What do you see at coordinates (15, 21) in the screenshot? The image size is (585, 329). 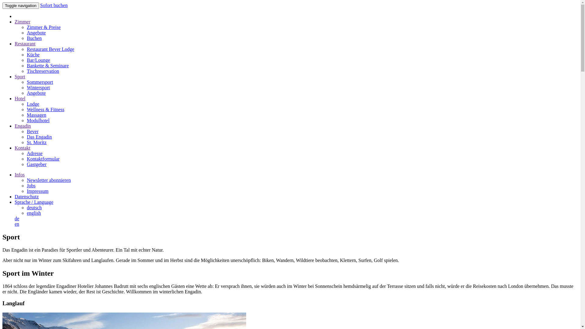 I see `'Zimmer'` at bounding box center [15, 21].